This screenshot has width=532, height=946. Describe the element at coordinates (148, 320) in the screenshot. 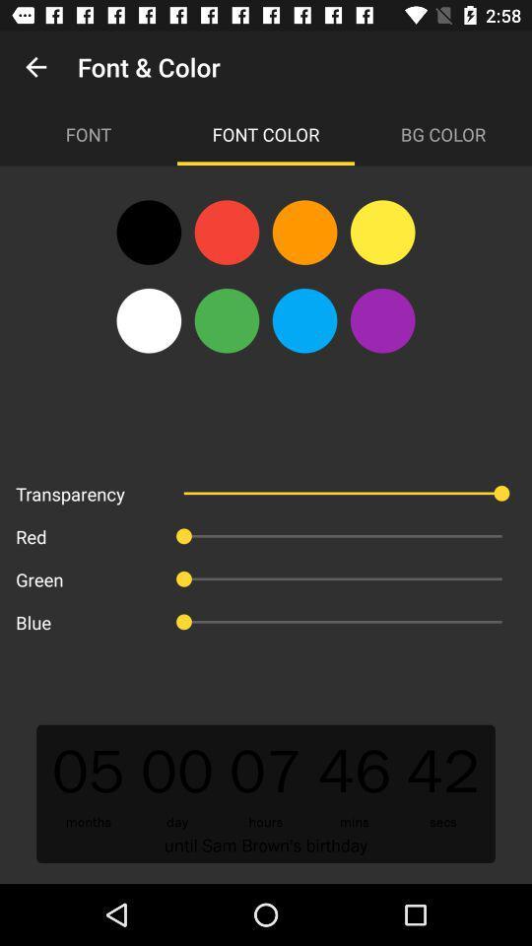

I see `the icon above the transparency item` at that location.